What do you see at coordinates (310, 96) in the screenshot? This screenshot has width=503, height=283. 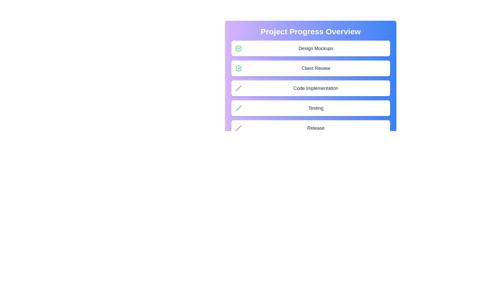 I see `the 'Code Implementation' label with status indicator in the project overview, which is the third item in a vertical list between 'Client Review' and 'Testing'` at bounding box center [310, 96].